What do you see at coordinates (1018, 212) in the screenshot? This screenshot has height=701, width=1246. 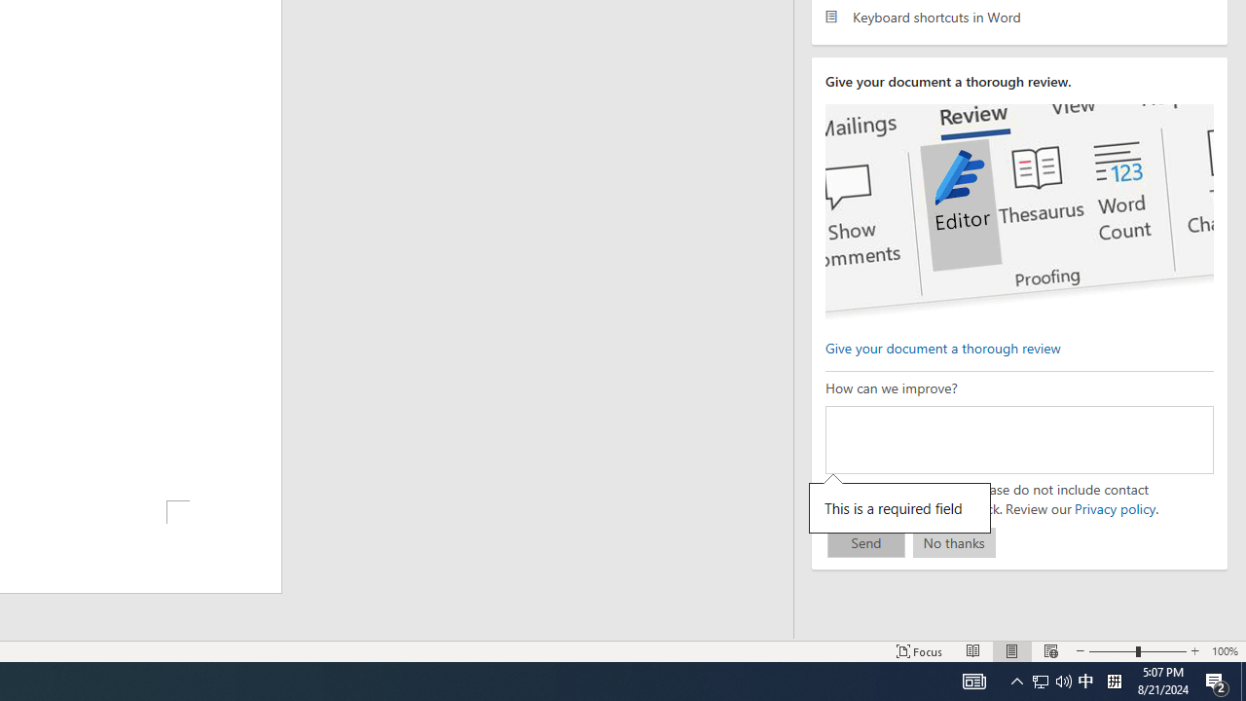 I see `'editor ui screenshot'` at bounding box center [1018, 212].